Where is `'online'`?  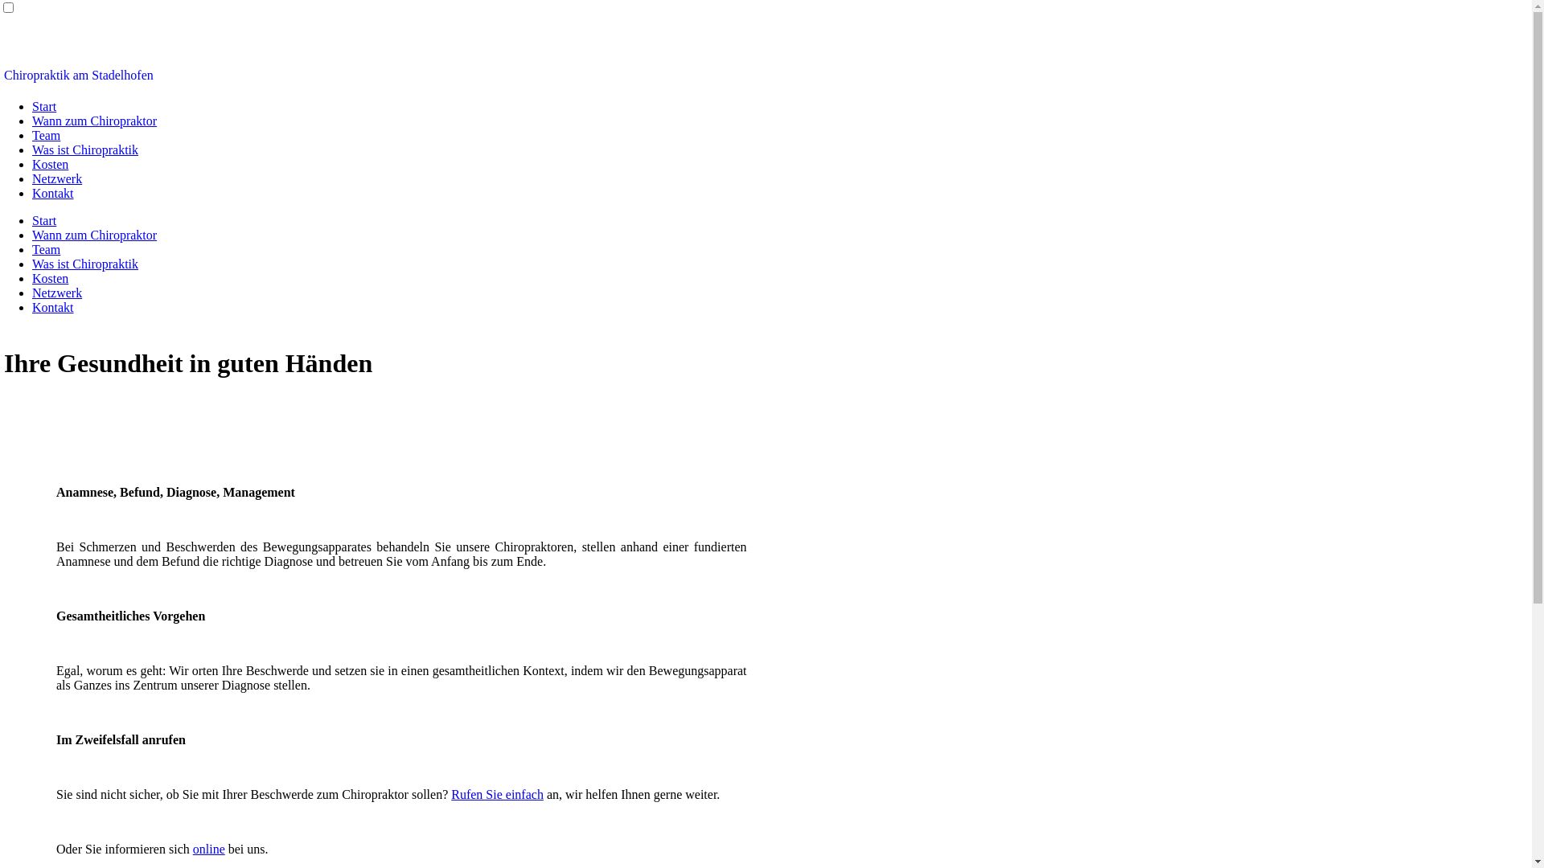 'online' is located at coordinates (207, 848).